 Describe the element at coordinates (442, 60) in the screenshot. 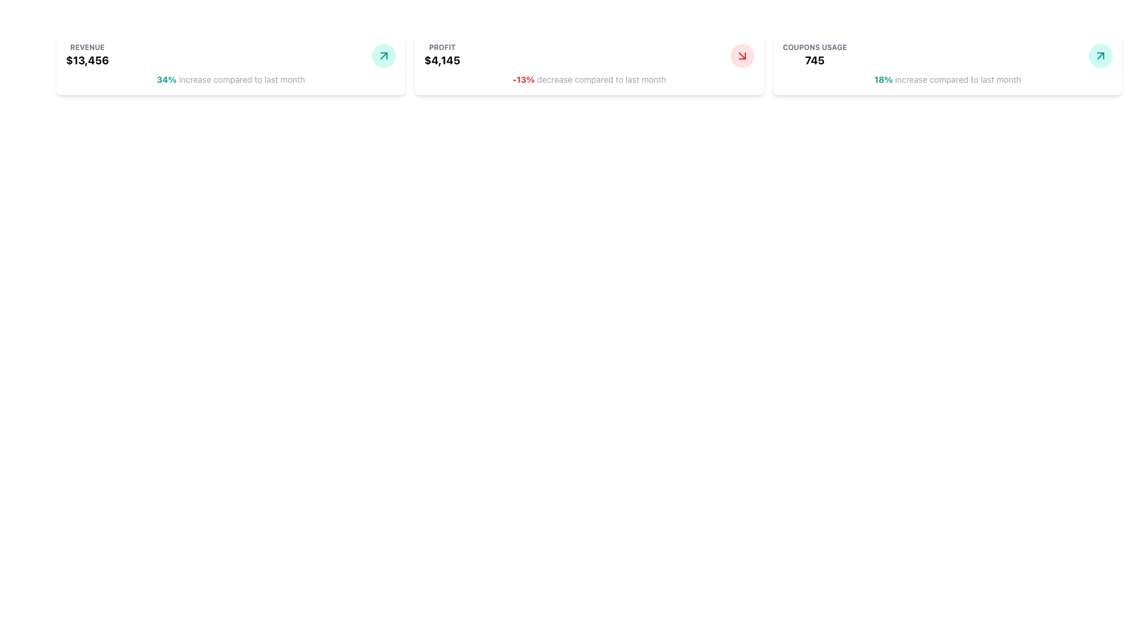

I see `the static text displaying the profit value of $4,145, which is located within the second card below the label 'PROFIT'` at that location.